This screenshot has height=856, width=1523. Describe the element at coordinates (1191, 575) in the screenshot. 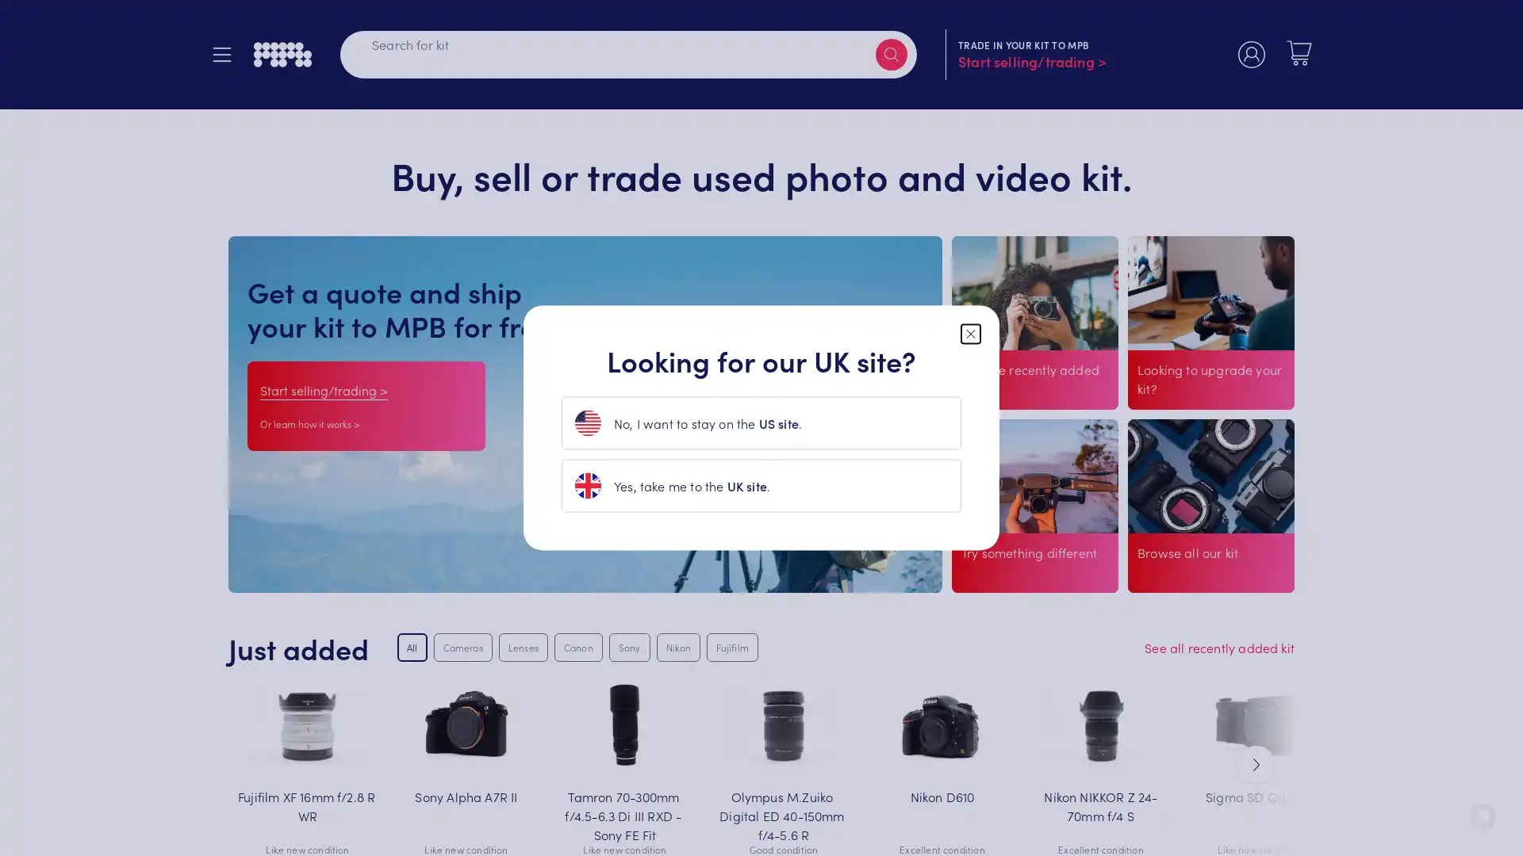

I see `Browse everything` at that location.